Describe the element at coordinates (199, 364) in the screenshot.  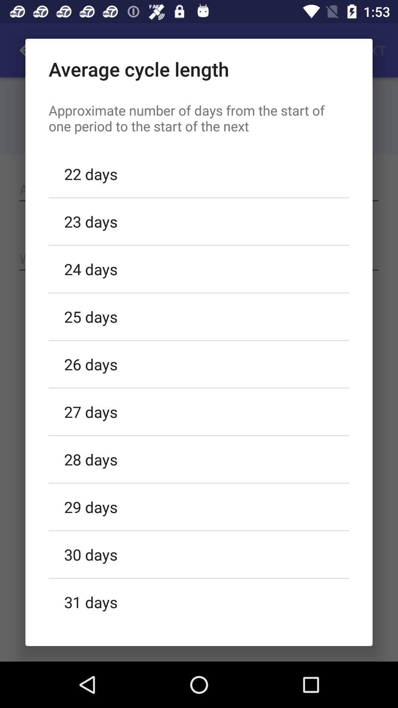
I see `the item above the 27 days icon` at that location.